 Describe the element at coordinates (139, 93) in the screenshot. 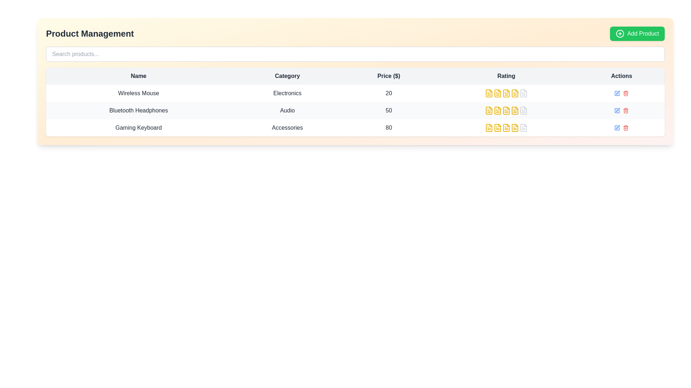

I see `displayed text of the 'Wireless Mouse' product name in the first row of the product management table` at that location.